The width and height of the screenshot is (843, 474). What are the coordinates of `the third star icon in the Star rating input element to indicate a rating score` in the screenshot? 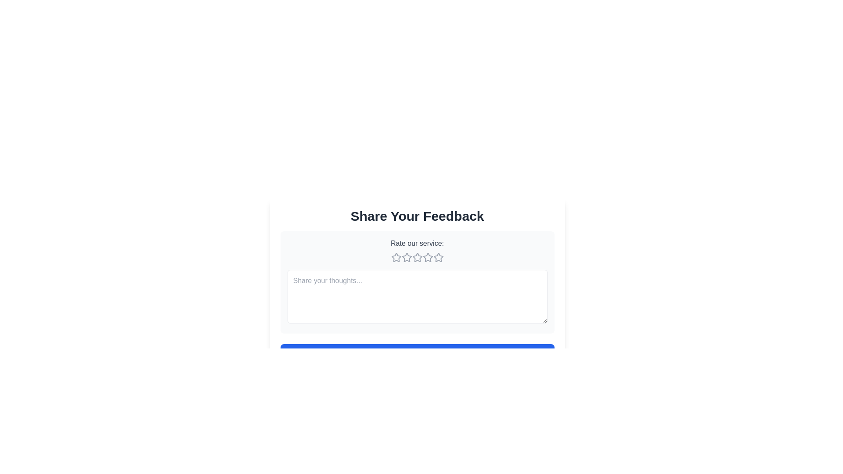 It's located at (417, 257).